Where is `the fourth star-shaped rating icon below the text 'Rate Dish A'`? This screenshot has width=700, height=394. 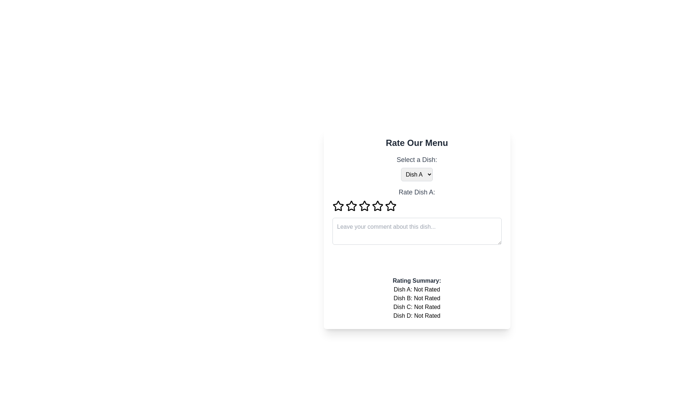
the fourth star-shaped rating icon below the text 'Rate Dish A' is located at coordinates (364, 206).